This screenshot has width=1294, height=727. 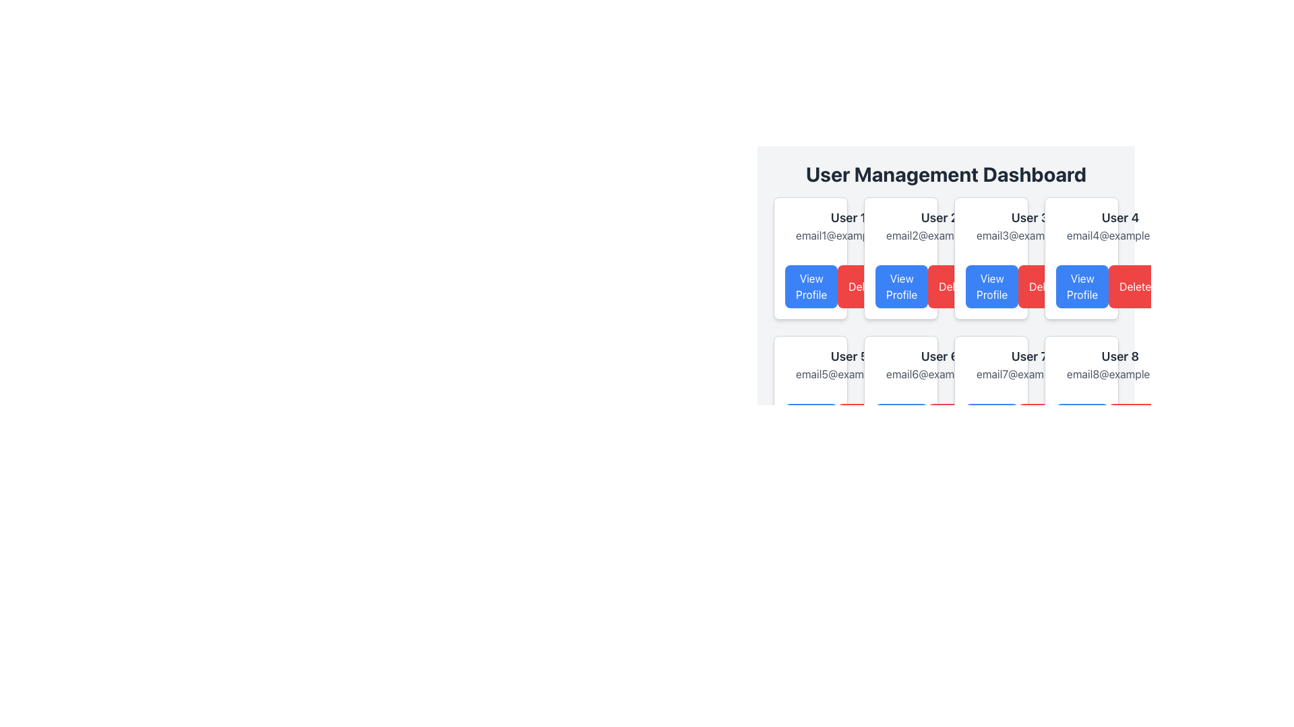 What do you see at coordinates (1082, 285) in the screenshot?
I see `the blue 'View Profile' button located to the left of the red 'Delete' button` at bounding box center [1082, 285].